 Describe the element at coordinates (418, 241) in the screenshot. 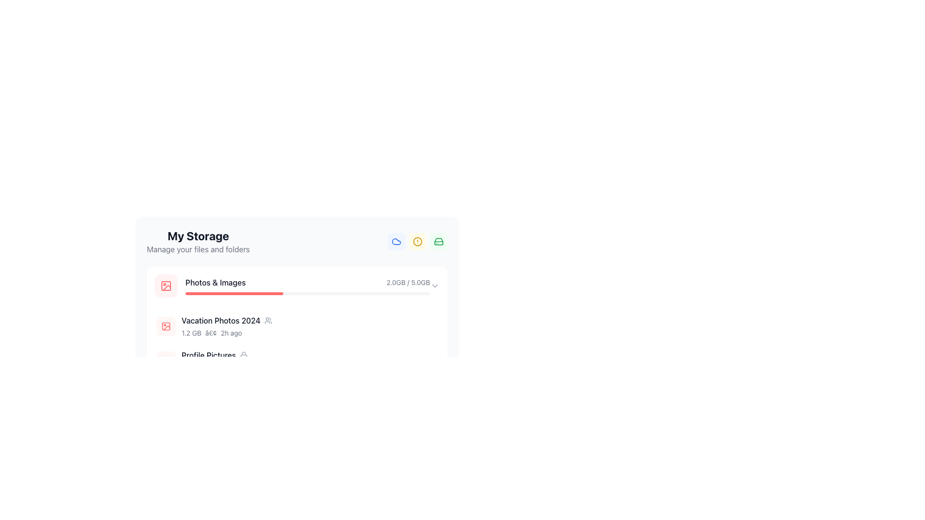

I see `the central circle in the top-right corner of the interface that represents a graphical element indicating status, part of a grouped icon set` at that location.